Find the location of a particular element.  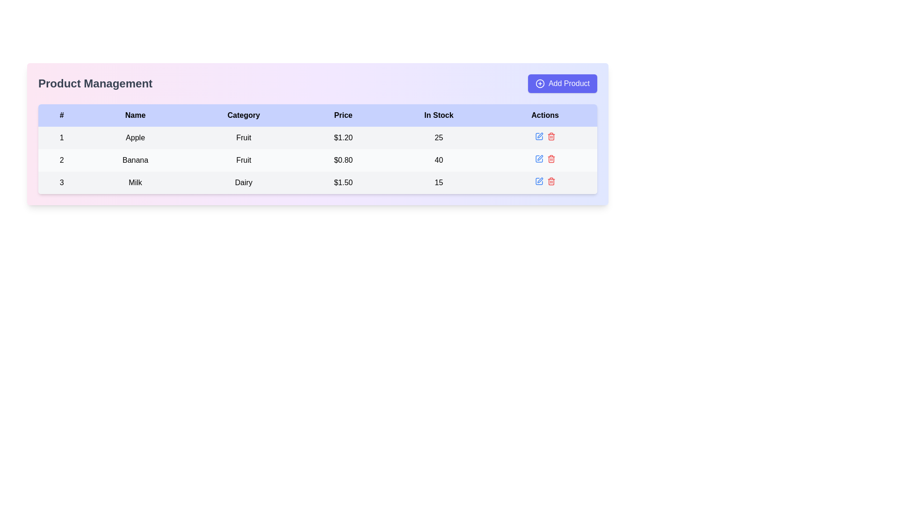

the text label representing the category for the product 'Apple' in the first row under the 'Category' column of the table is located at coordinates (244, 137).